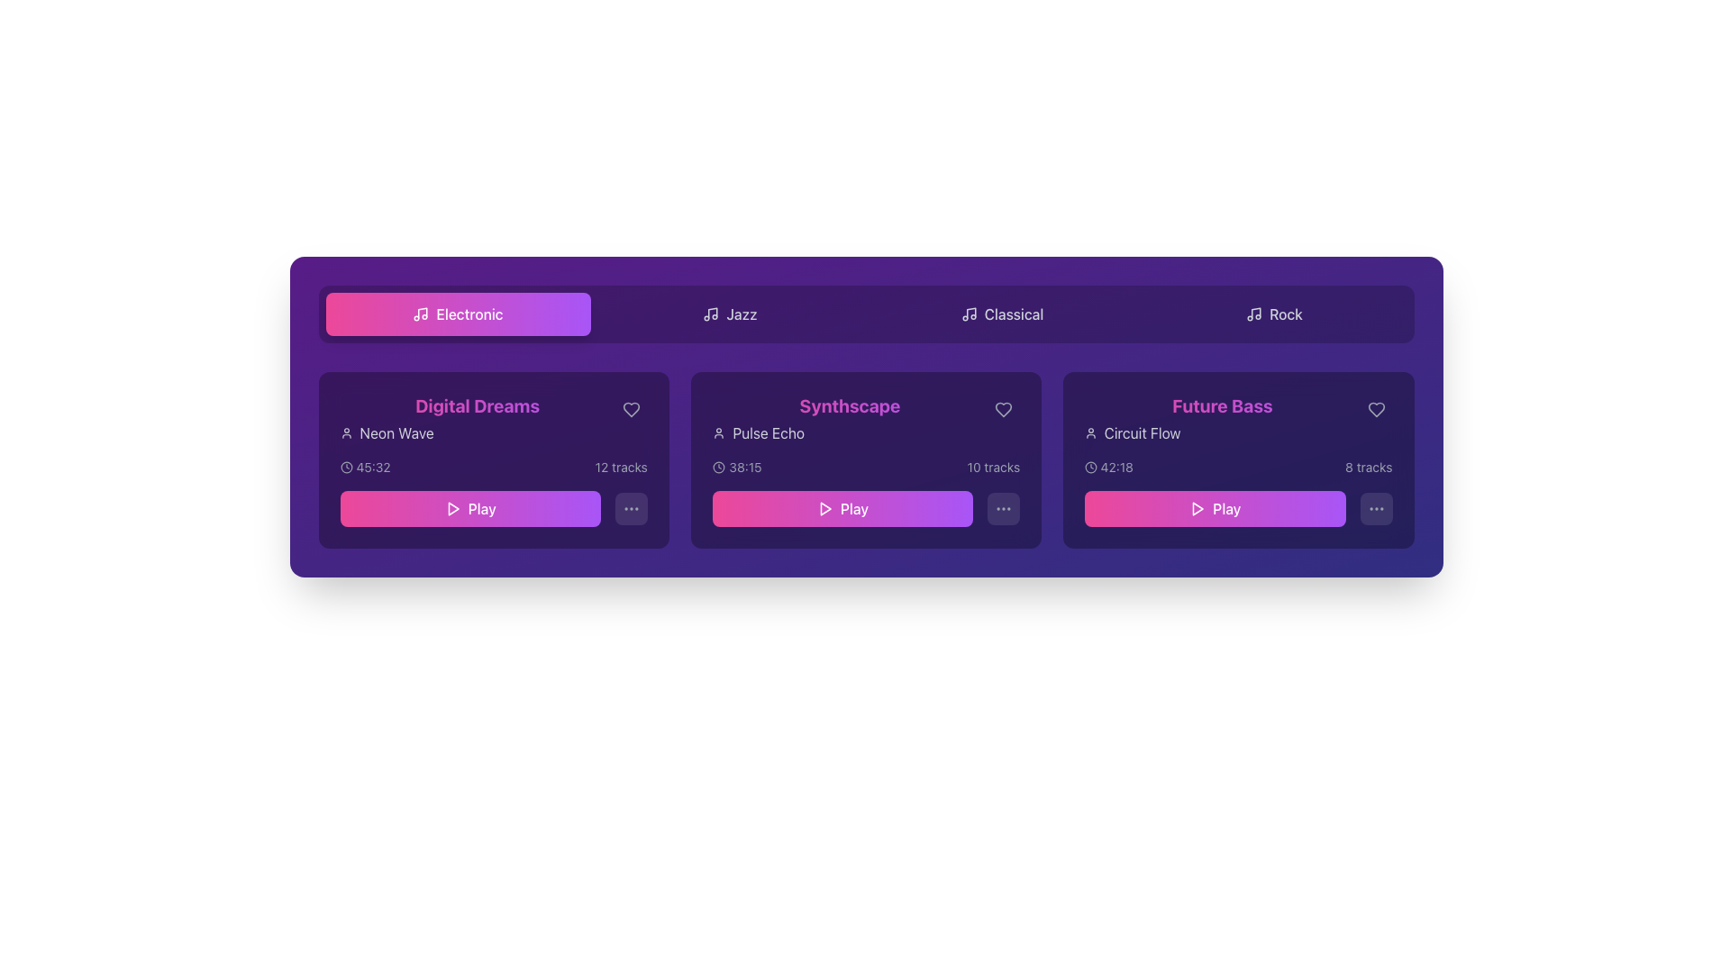 This screenshot has height=973, width=1730. Describe the element at coordinates (736, 467) in the screenshot. I see `the small rectangular text display showing the time indicator '38:15' with a clock icon on the left, located in the 'Synthscape' section` at that location.